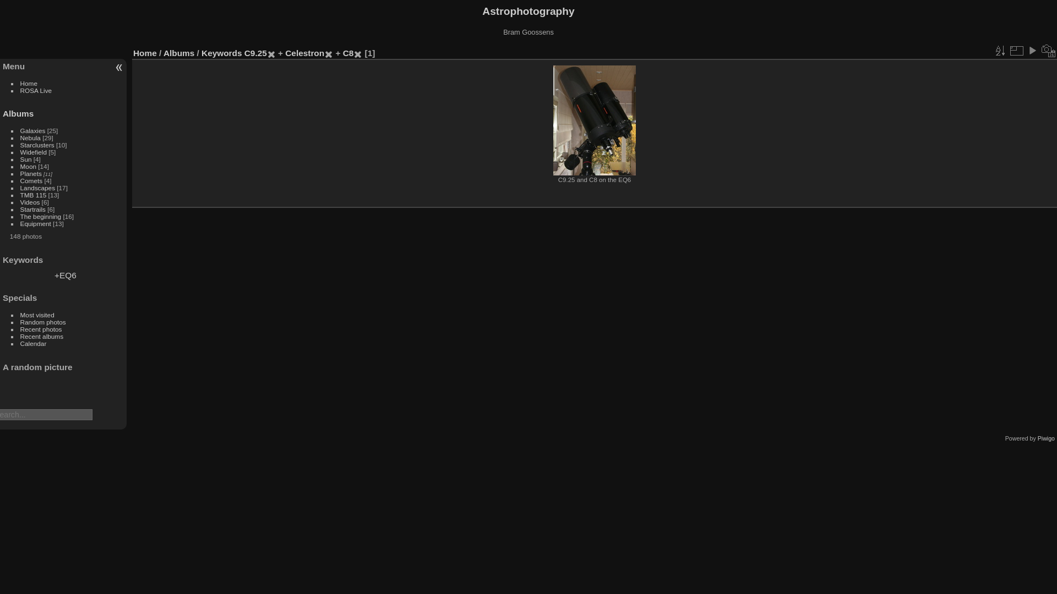  Describe the element at coordinates (37, 315) in the screenshot. I see `'Most visited'` at that location.